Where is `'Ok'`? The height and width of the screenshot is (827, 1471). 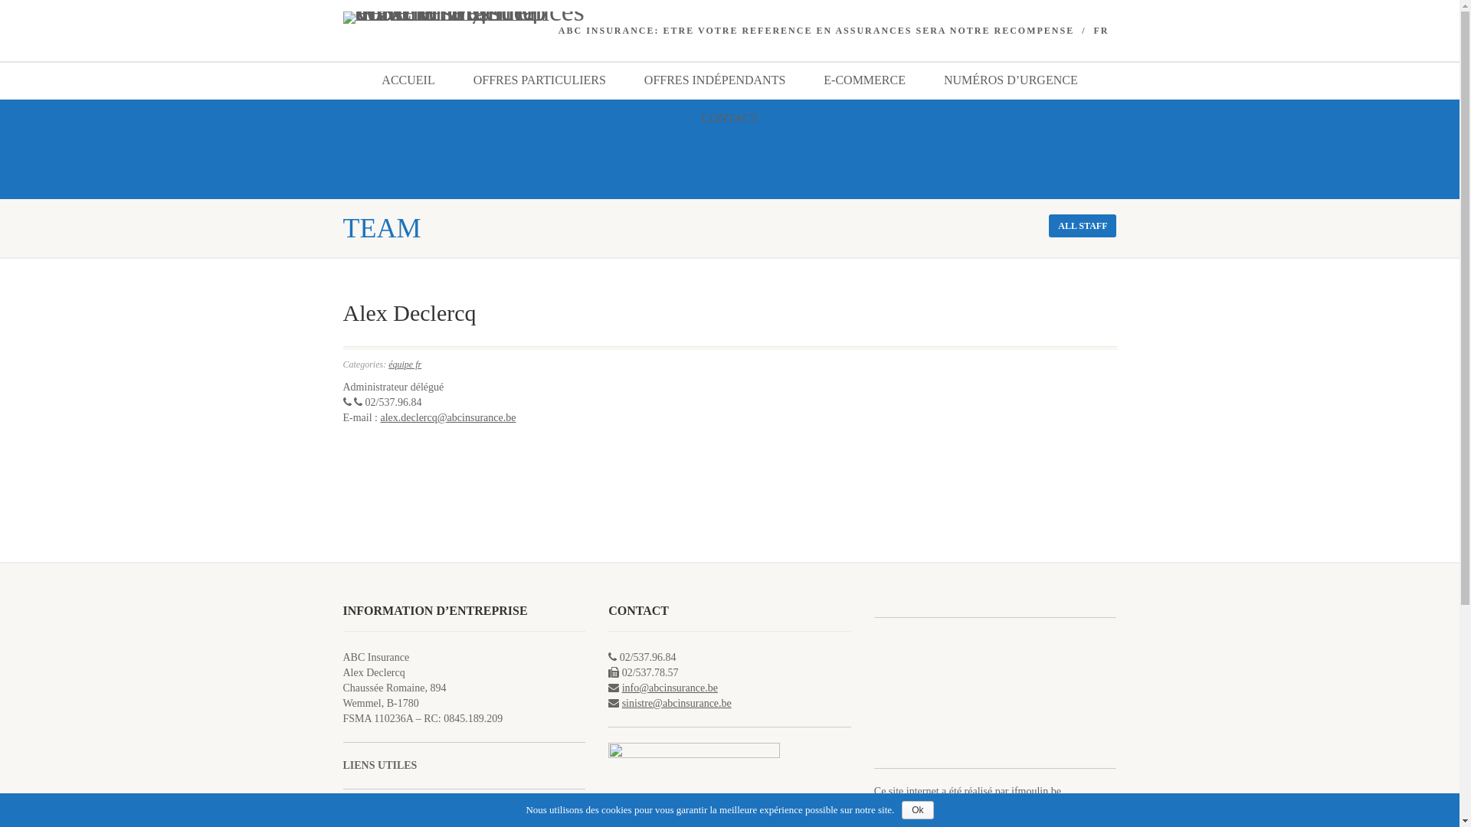
'Ok' is located at coordinates (917, 809).